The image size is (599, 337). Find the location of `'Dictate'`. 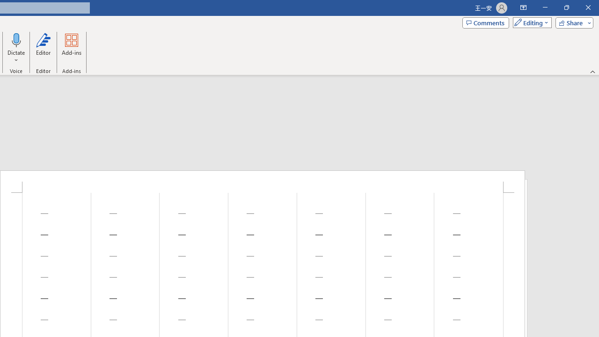

'Dictate' is located at coordinates (16, 48).